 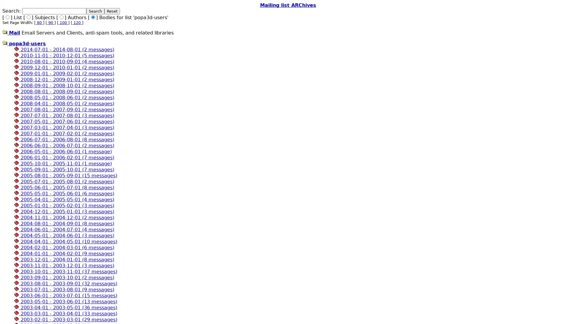 What do you see at coordinates (112, 11) in the screenshot?
I see `Reset` at bounding box center [112, 11].